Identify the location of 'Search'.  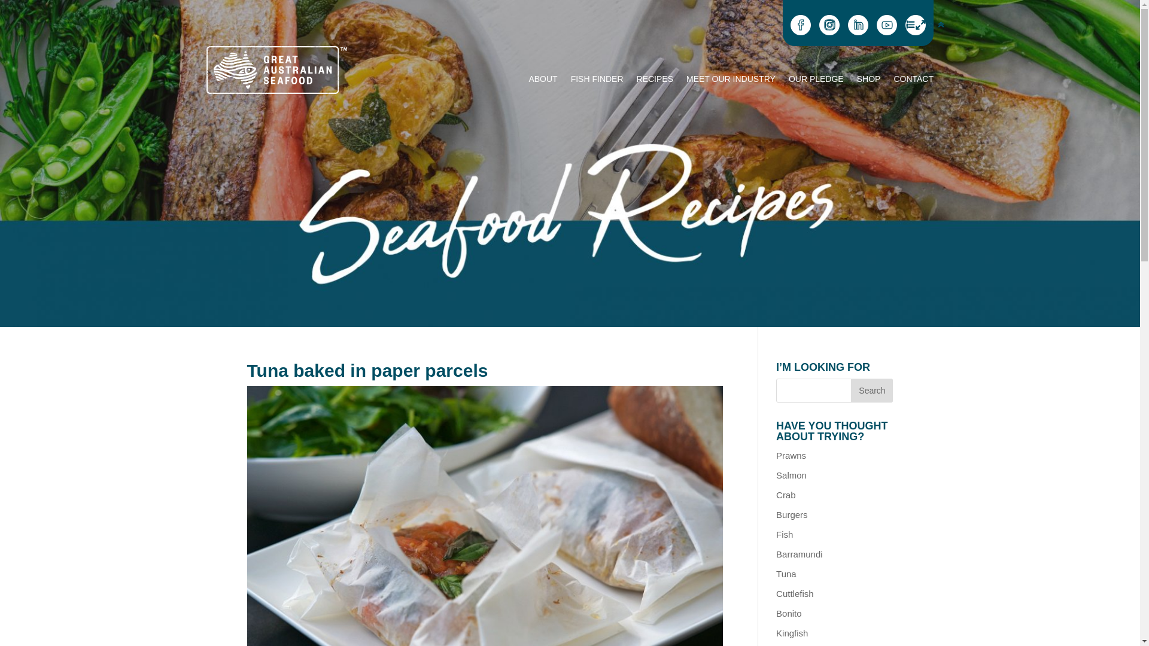
(850, 390).